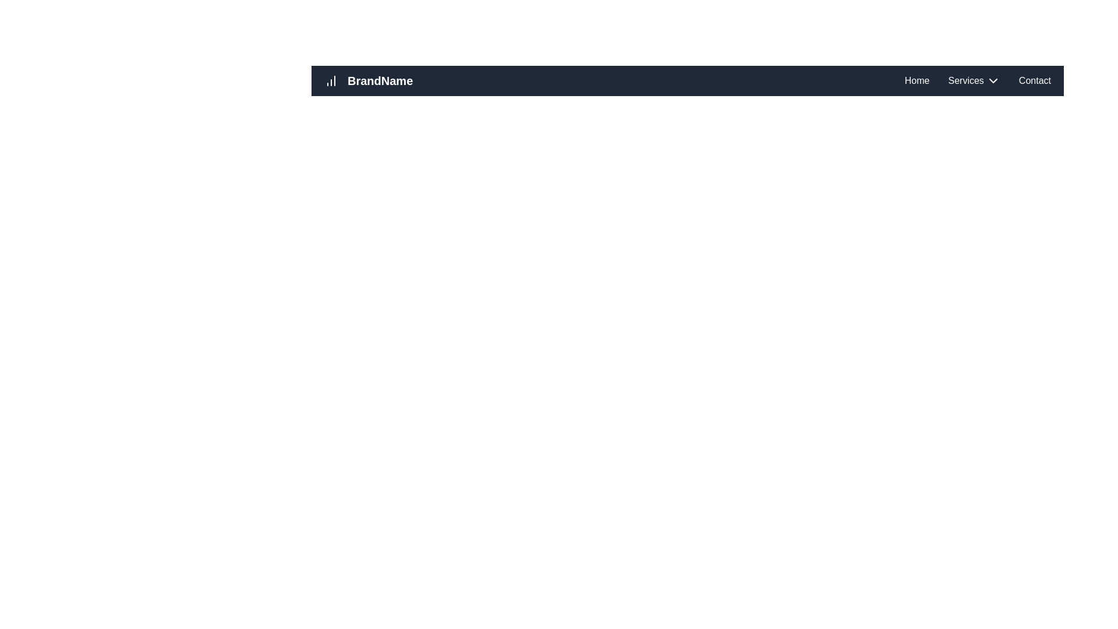 This screenshot has height=629, width=1118. Describe the element at coordinates (978, 80) in the screenshot. I see `the navigation bar located on the top-right side of the interface` at that location.